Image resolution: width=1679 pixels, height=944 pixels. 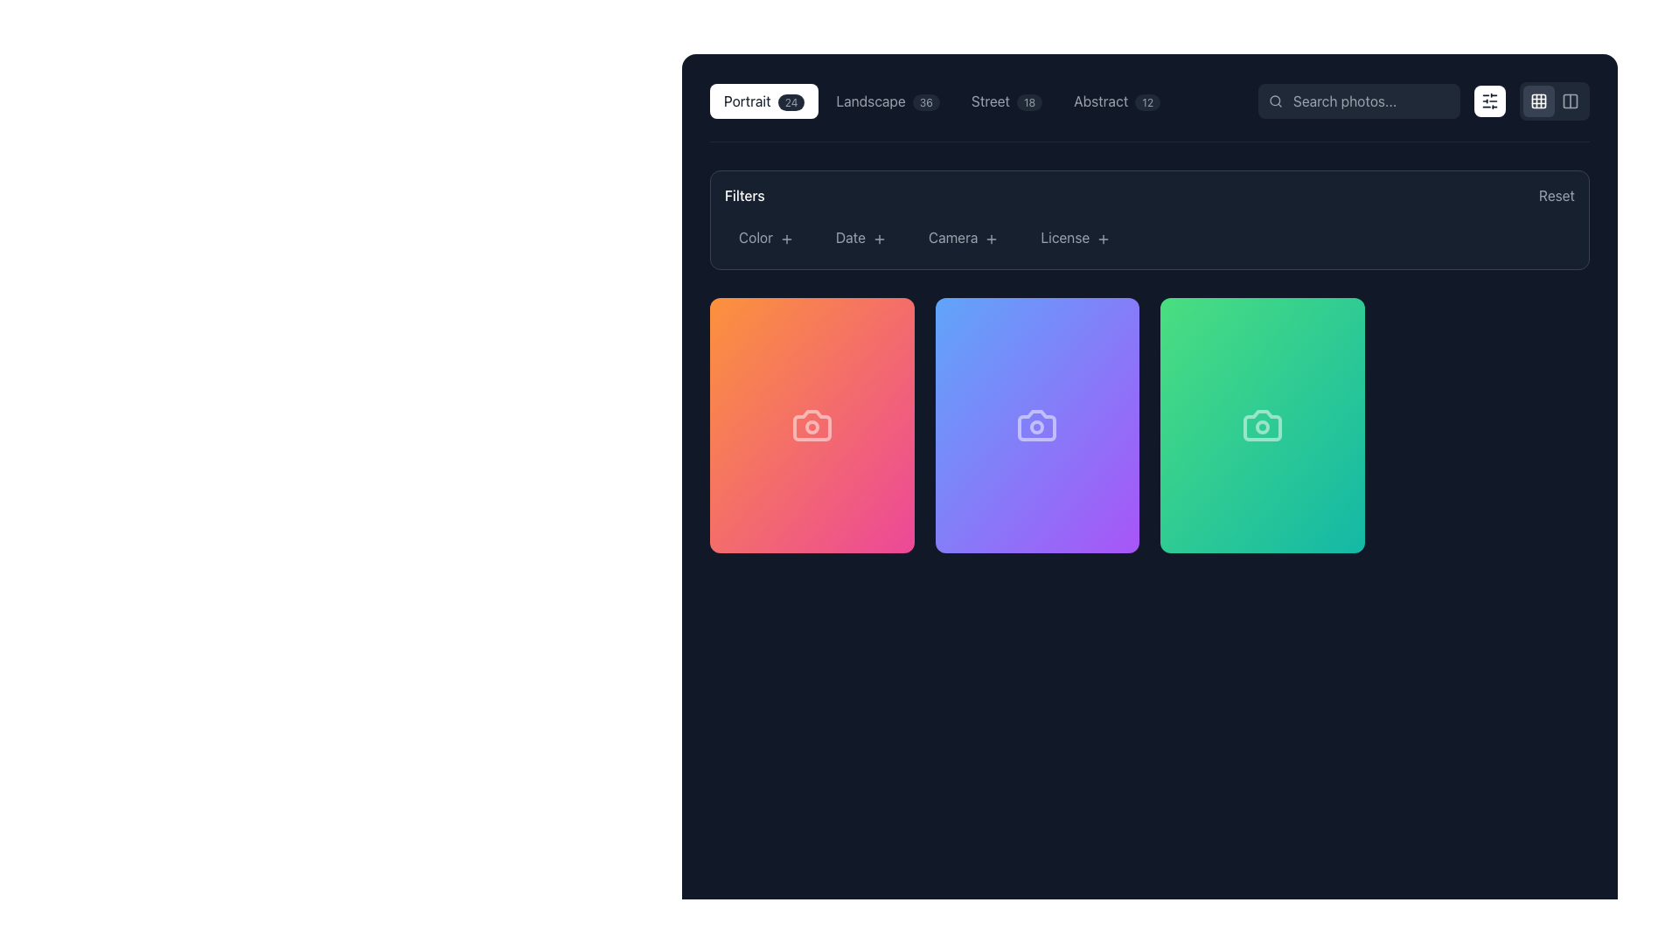 What do you see at coordinates (1262, 326) in the screenshot?
I see `the decorative element located at the topmost section of the rightmost green card, which serves as a structural part for grouping components` at bounding box center [1262, 326].